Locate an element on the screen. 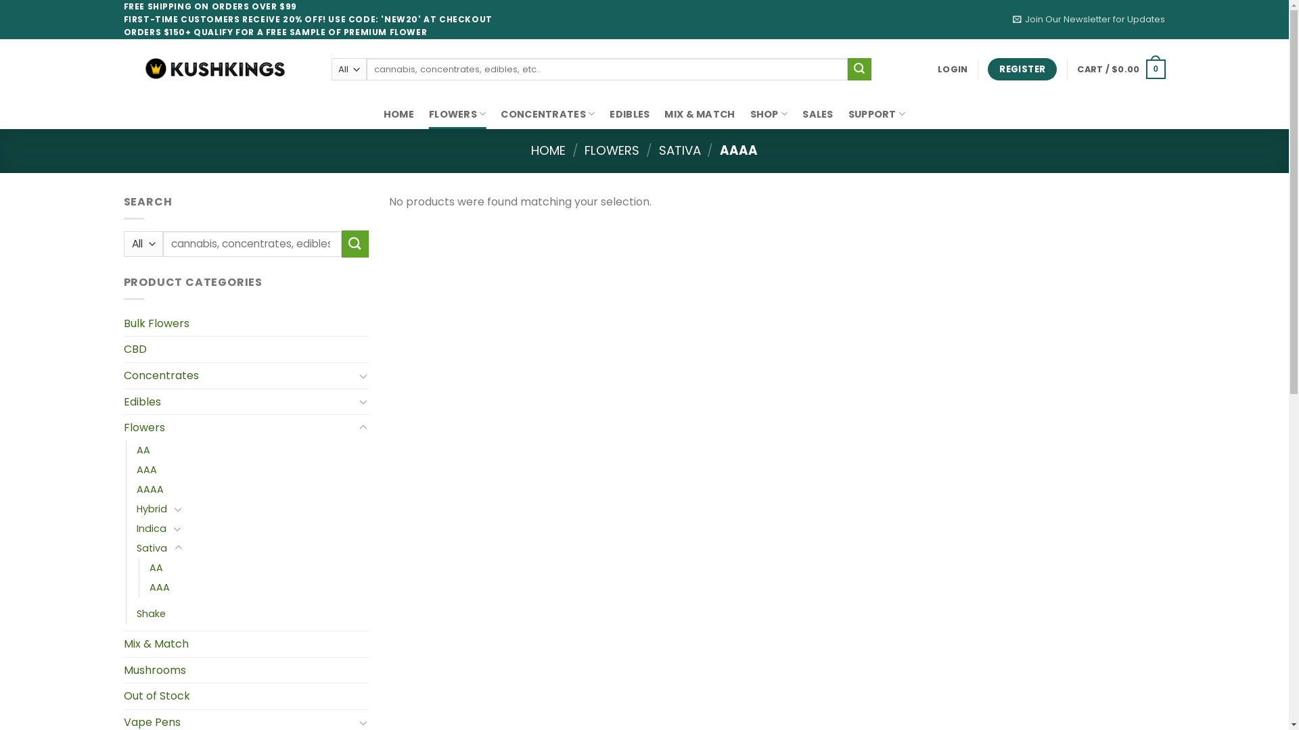  'FLOWERS' is located at coordinates (428, 114).